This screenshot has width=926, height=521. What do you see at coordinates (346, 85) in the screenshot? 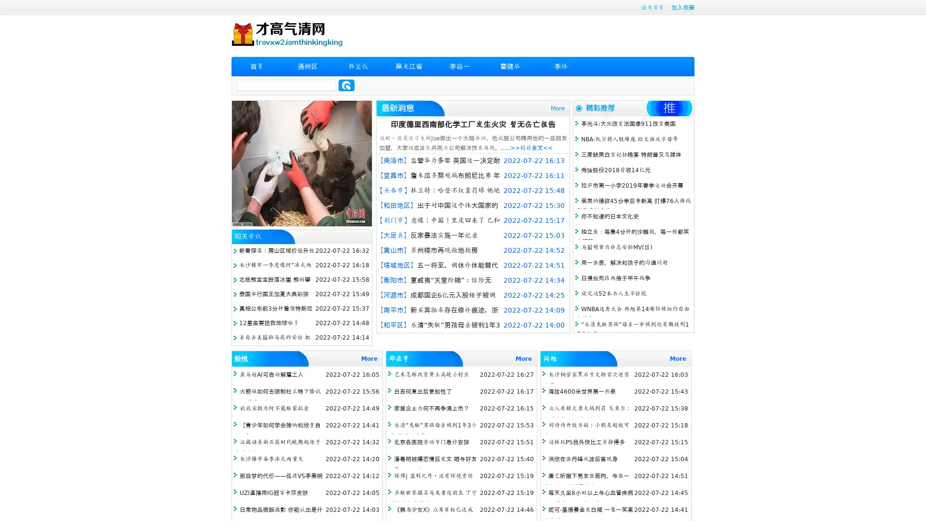
I see `Search` at bounding box center [346, 85].